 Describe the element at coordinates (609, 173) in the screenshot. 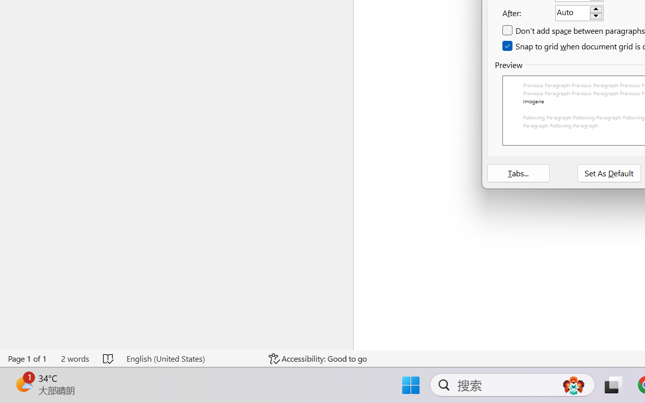

I see `'Set As Default'` at that location.